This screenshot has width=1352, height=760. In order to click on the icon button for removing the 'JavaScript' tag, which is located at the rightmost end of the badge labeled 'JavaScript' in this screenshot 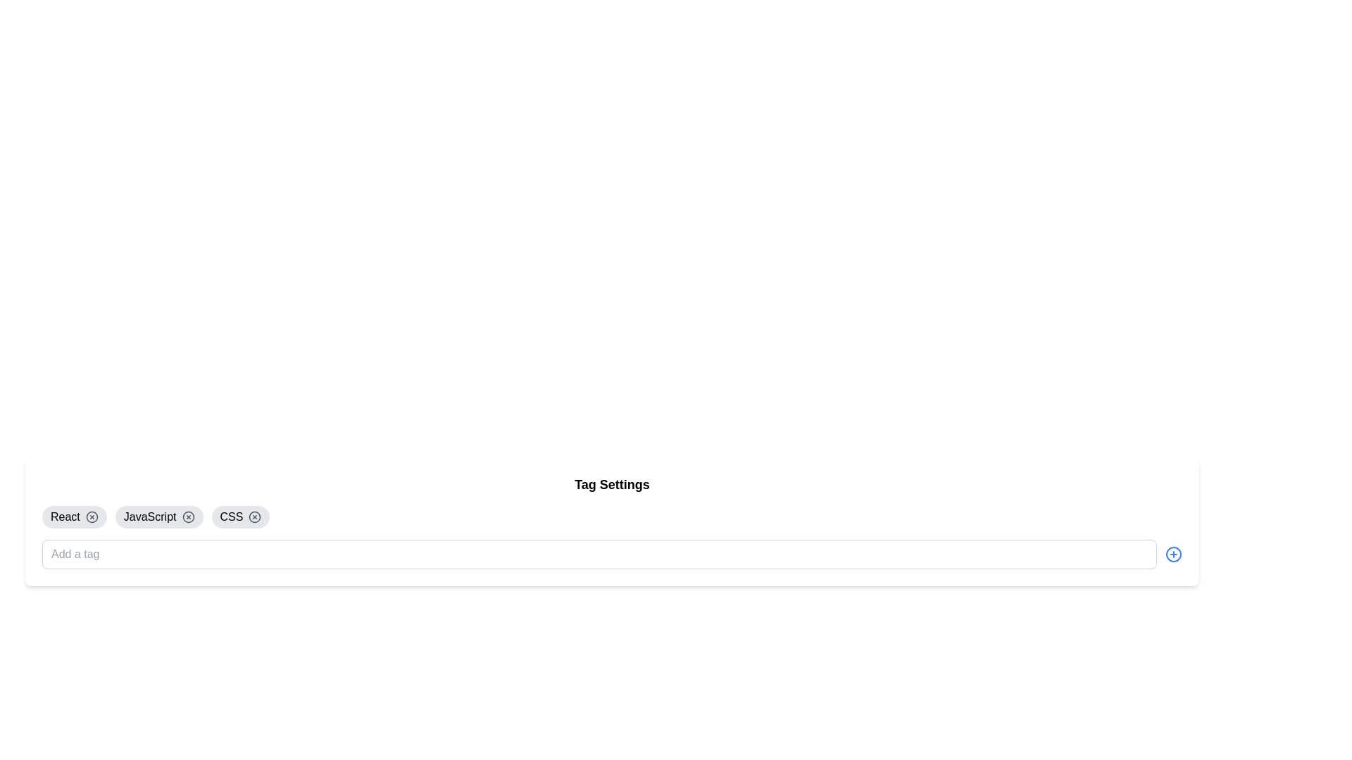, I will do `click(187, 517)`.